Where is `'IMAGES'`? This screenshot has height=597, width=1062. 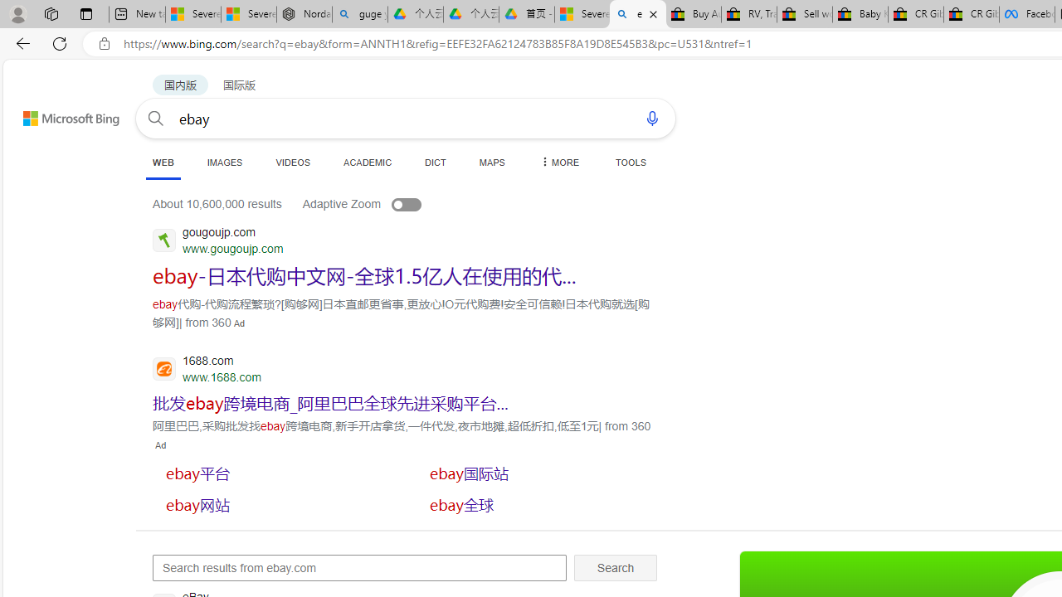 'IMAGES' is located at coordinates (223, 162).